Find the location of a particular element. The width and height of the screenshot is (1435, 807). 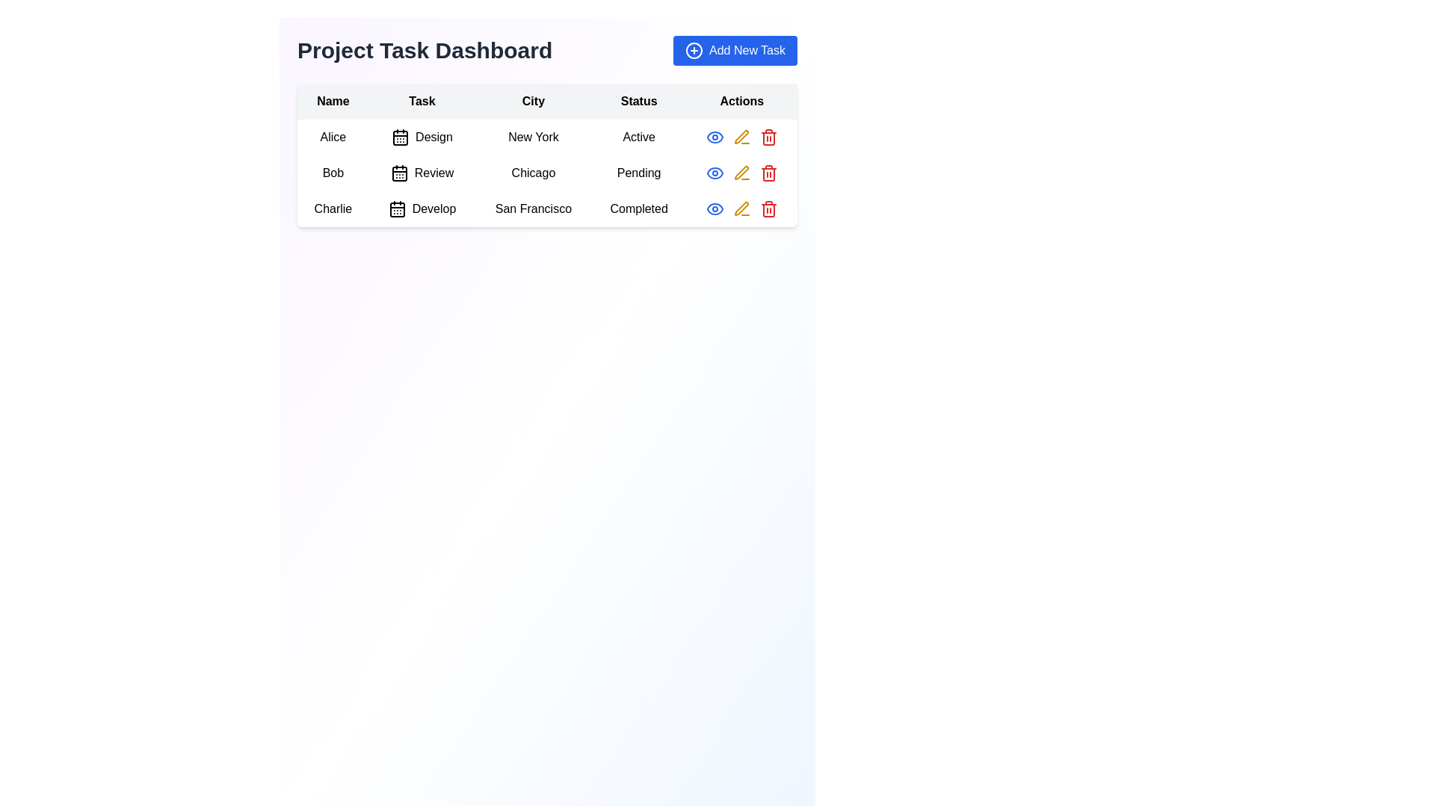

the 'Task' header label in the table column, which is the second column header between 'Name' and 'City' is located at coordinates (422, 101).